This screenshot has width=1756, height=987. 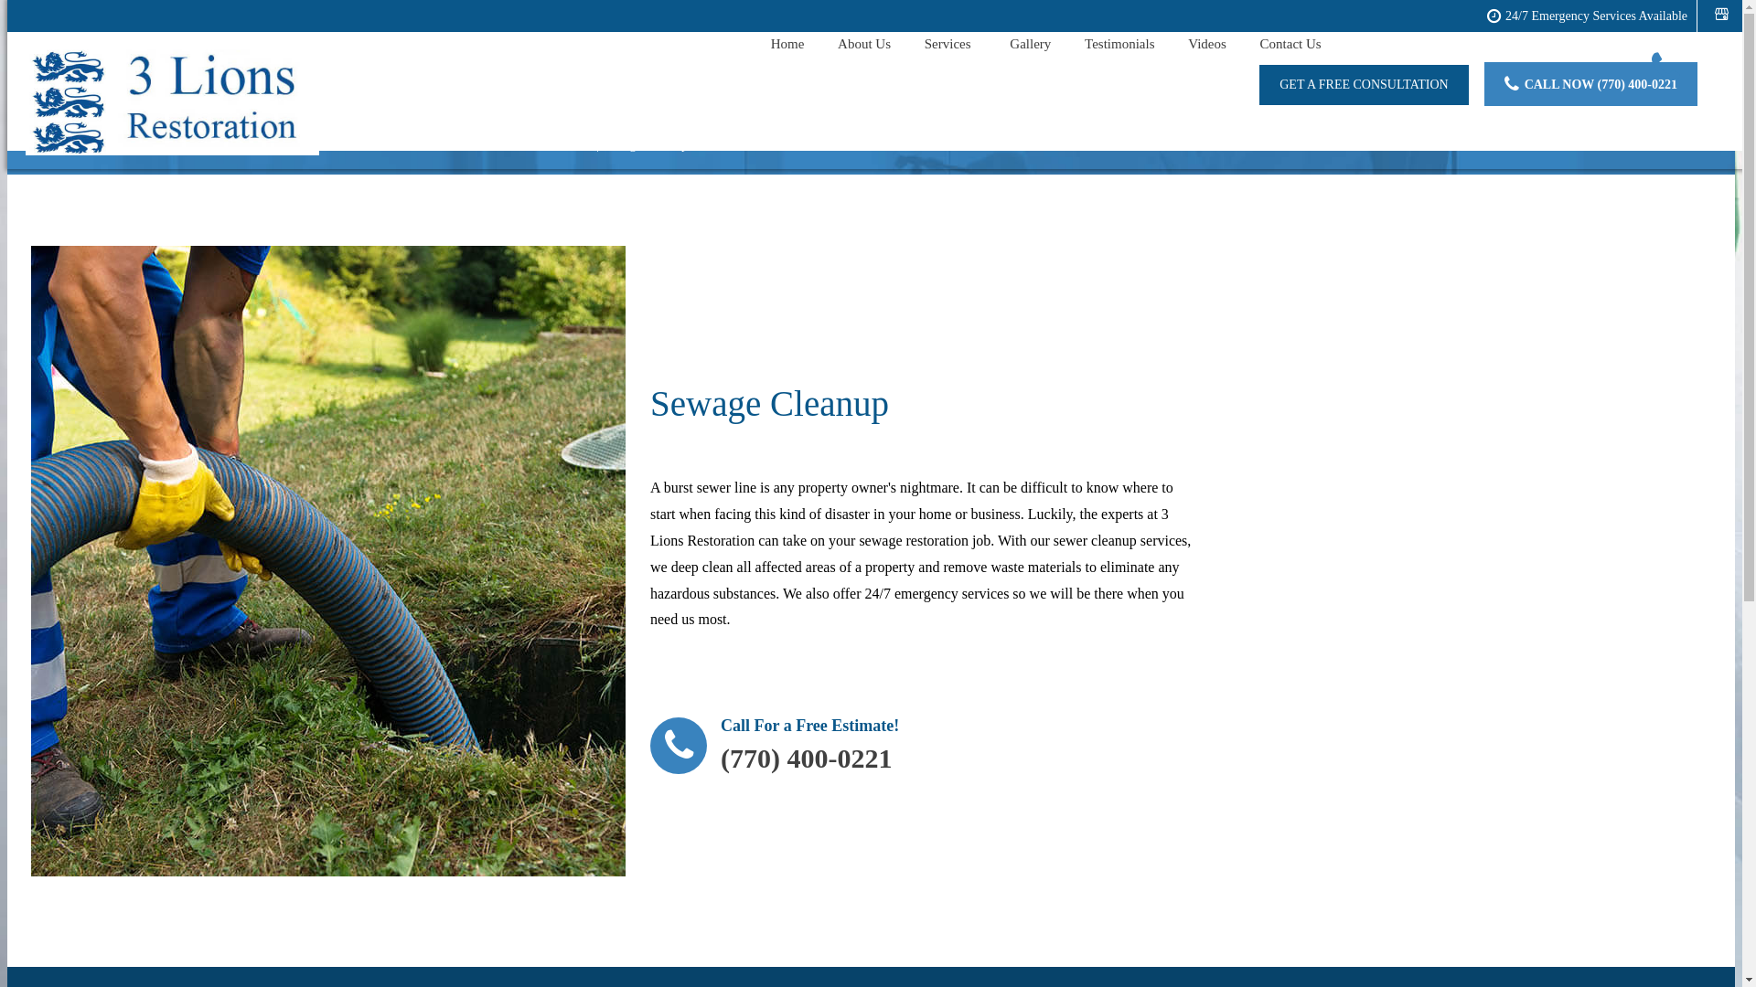 What do you see at coordinates (1119, 44) in the screenshot?
I see `'Testimonials'` at bounding box center [1119, 44].